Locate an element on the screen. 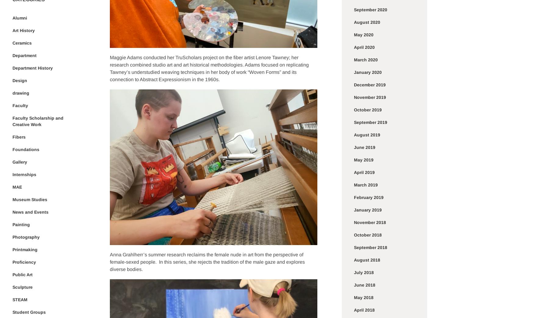 The image size is (534, 318). 'June 2019' is located at coordinates (365, 147).